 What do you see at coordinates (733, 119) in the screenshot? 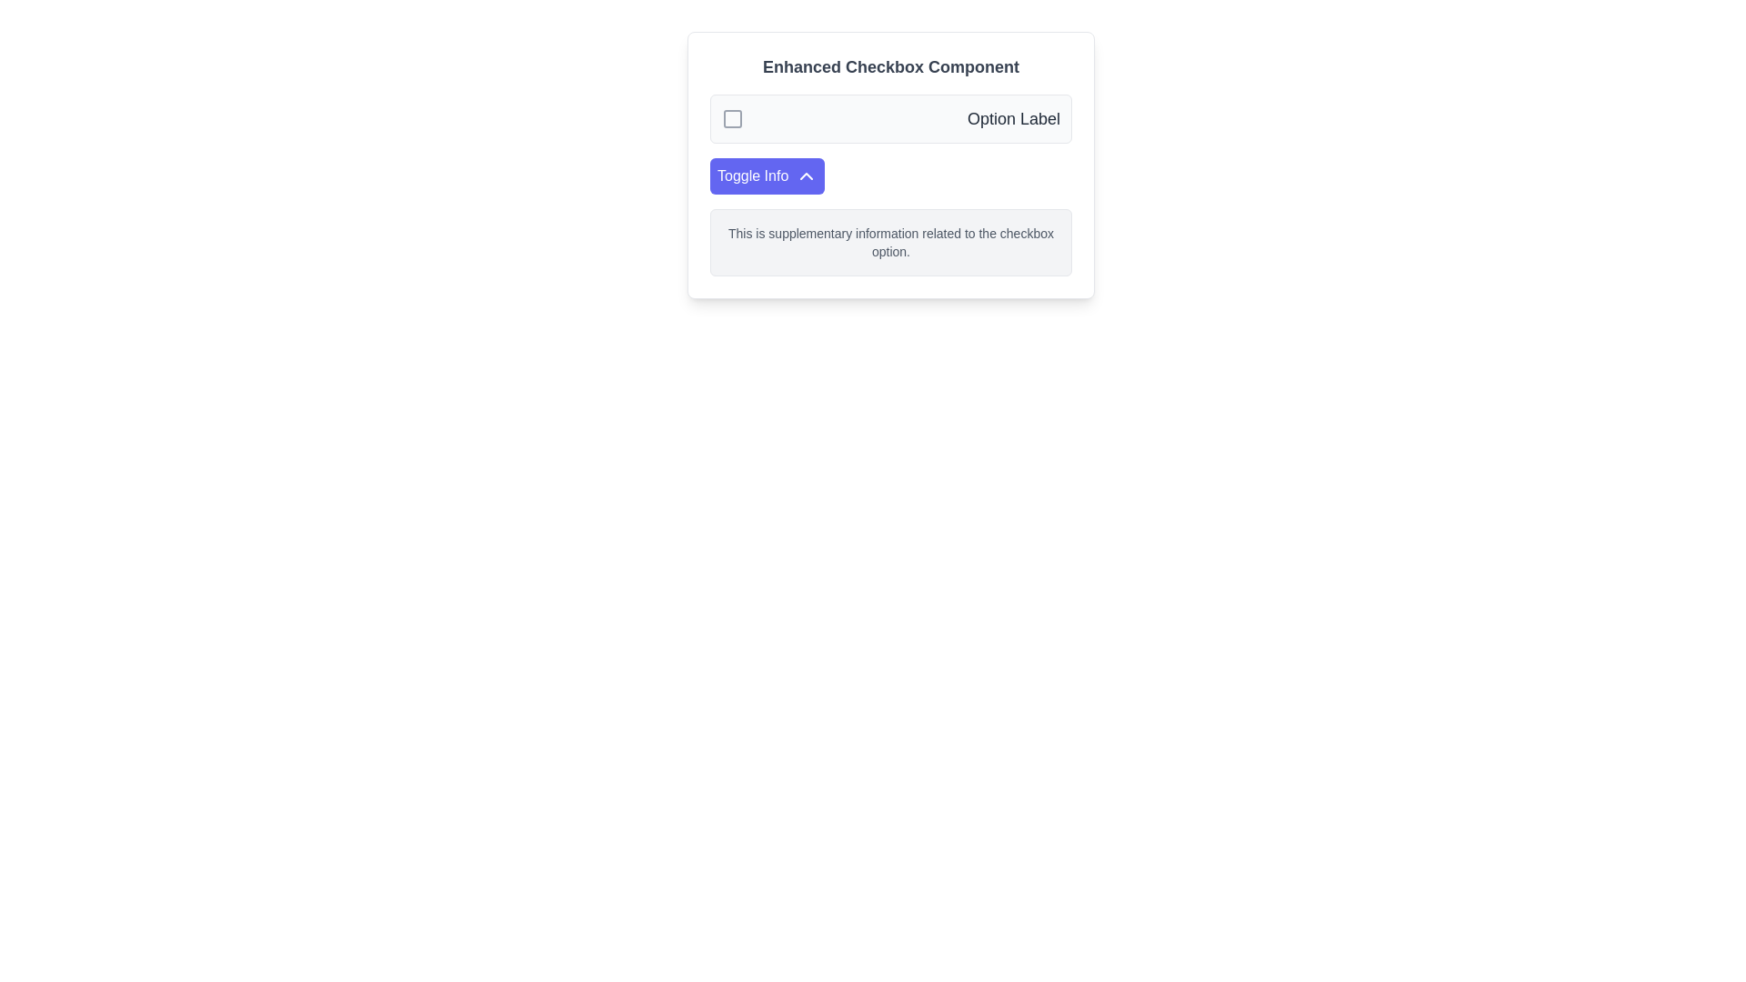
I see `the unselected checkbox located in the top-left corner of the option row containing the label 'Option Label'` at bounding box center [733, 119].